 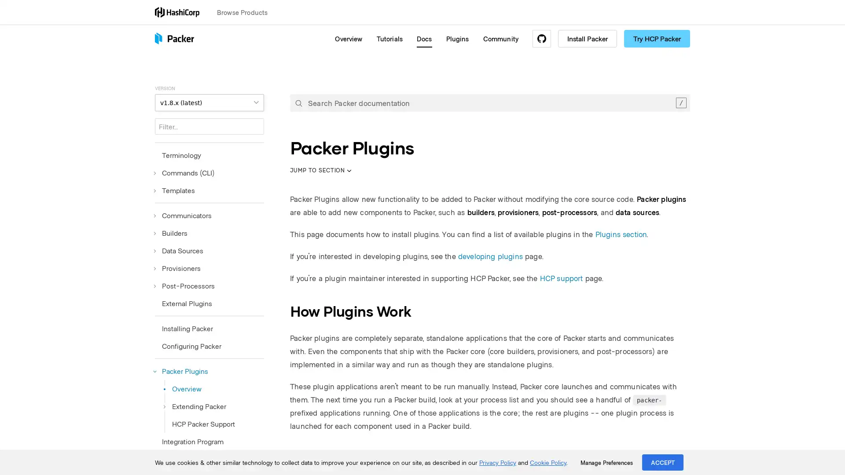 I want to click on ACCEPT, so click(x=663, y=462).